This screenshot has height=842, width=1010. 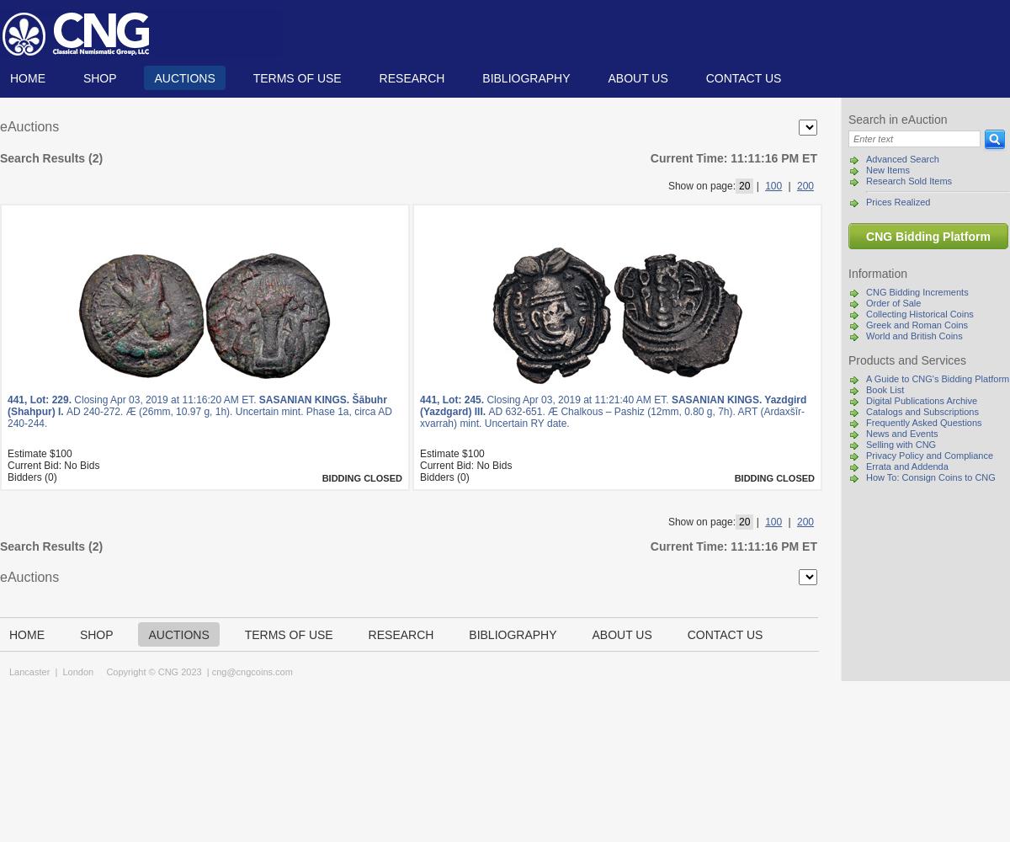 What do you see at coordinates (613, 405) in the screenshot?
I see `'SASANIAN KINGS. Yazdgird (Yazdgard) III.'` at bounding box center [613, 405].